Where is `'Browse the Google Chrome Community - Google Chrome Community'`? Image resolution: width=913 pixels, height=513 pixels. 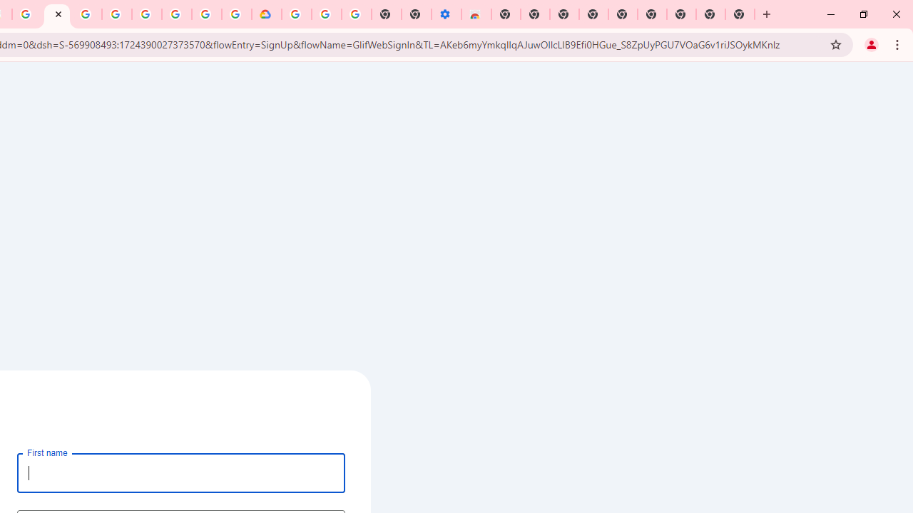
'Browse the Google Chrome Community - Google Chrome Community' is located at coordinates (237, 14).